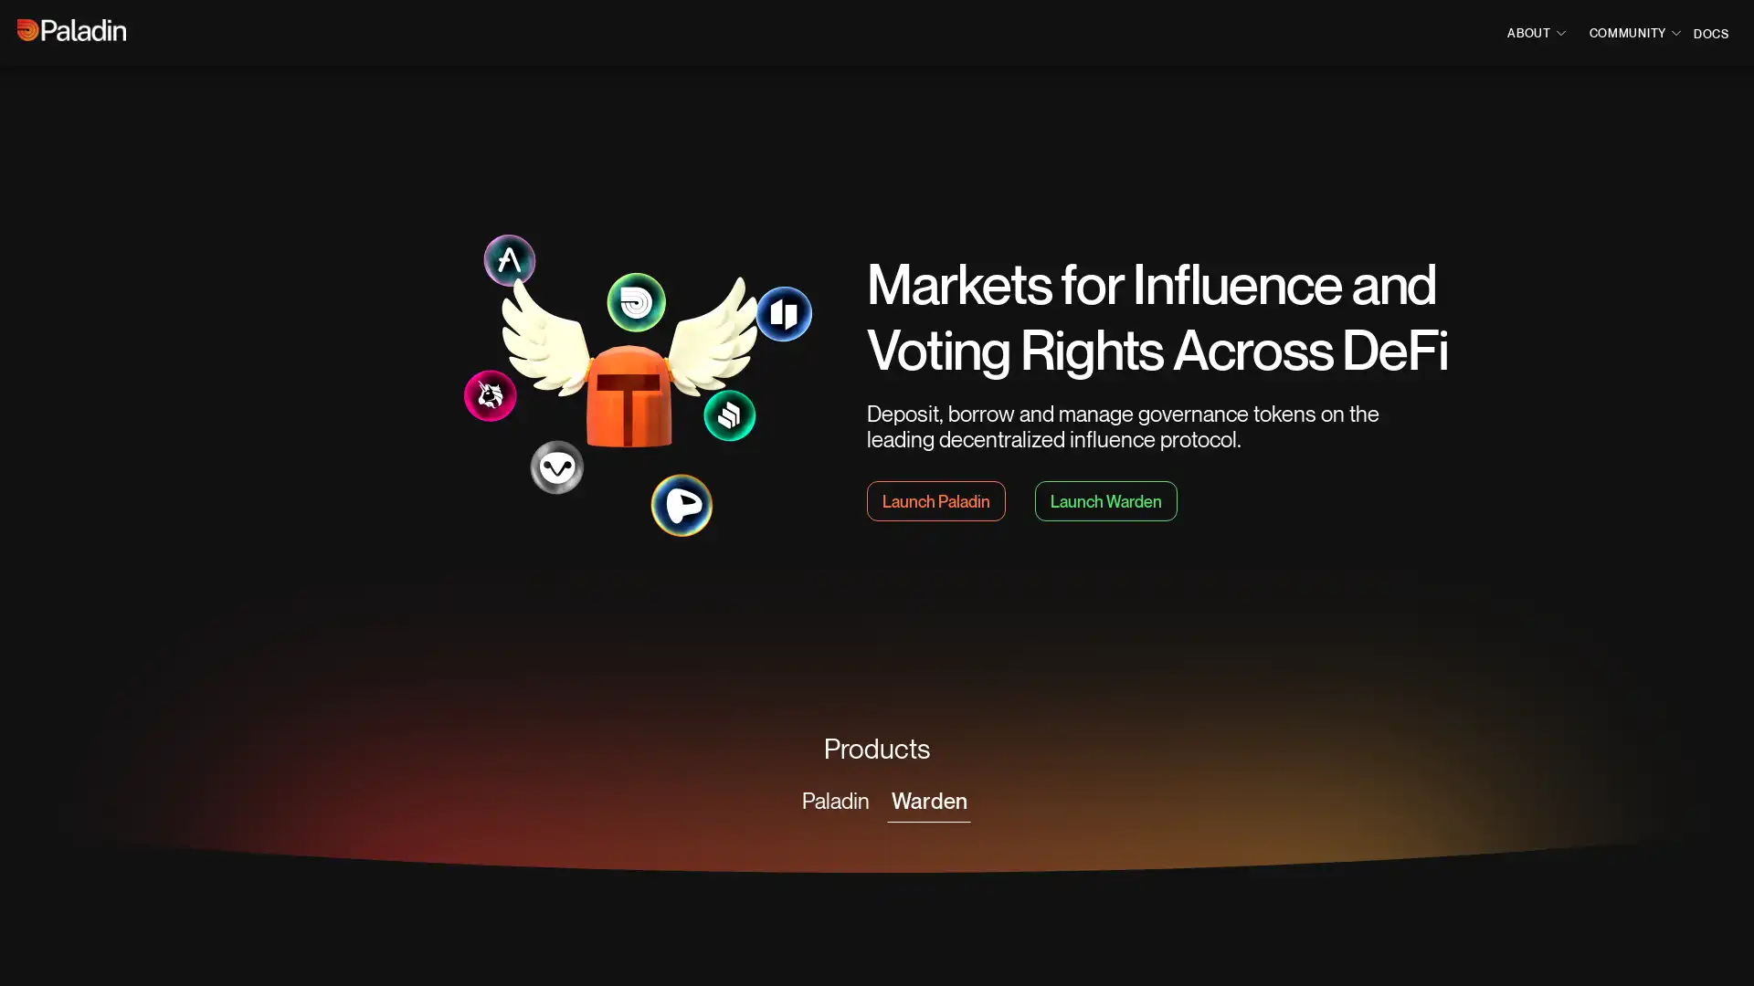  I want to click on Launch Paladin, so click(936, 500).